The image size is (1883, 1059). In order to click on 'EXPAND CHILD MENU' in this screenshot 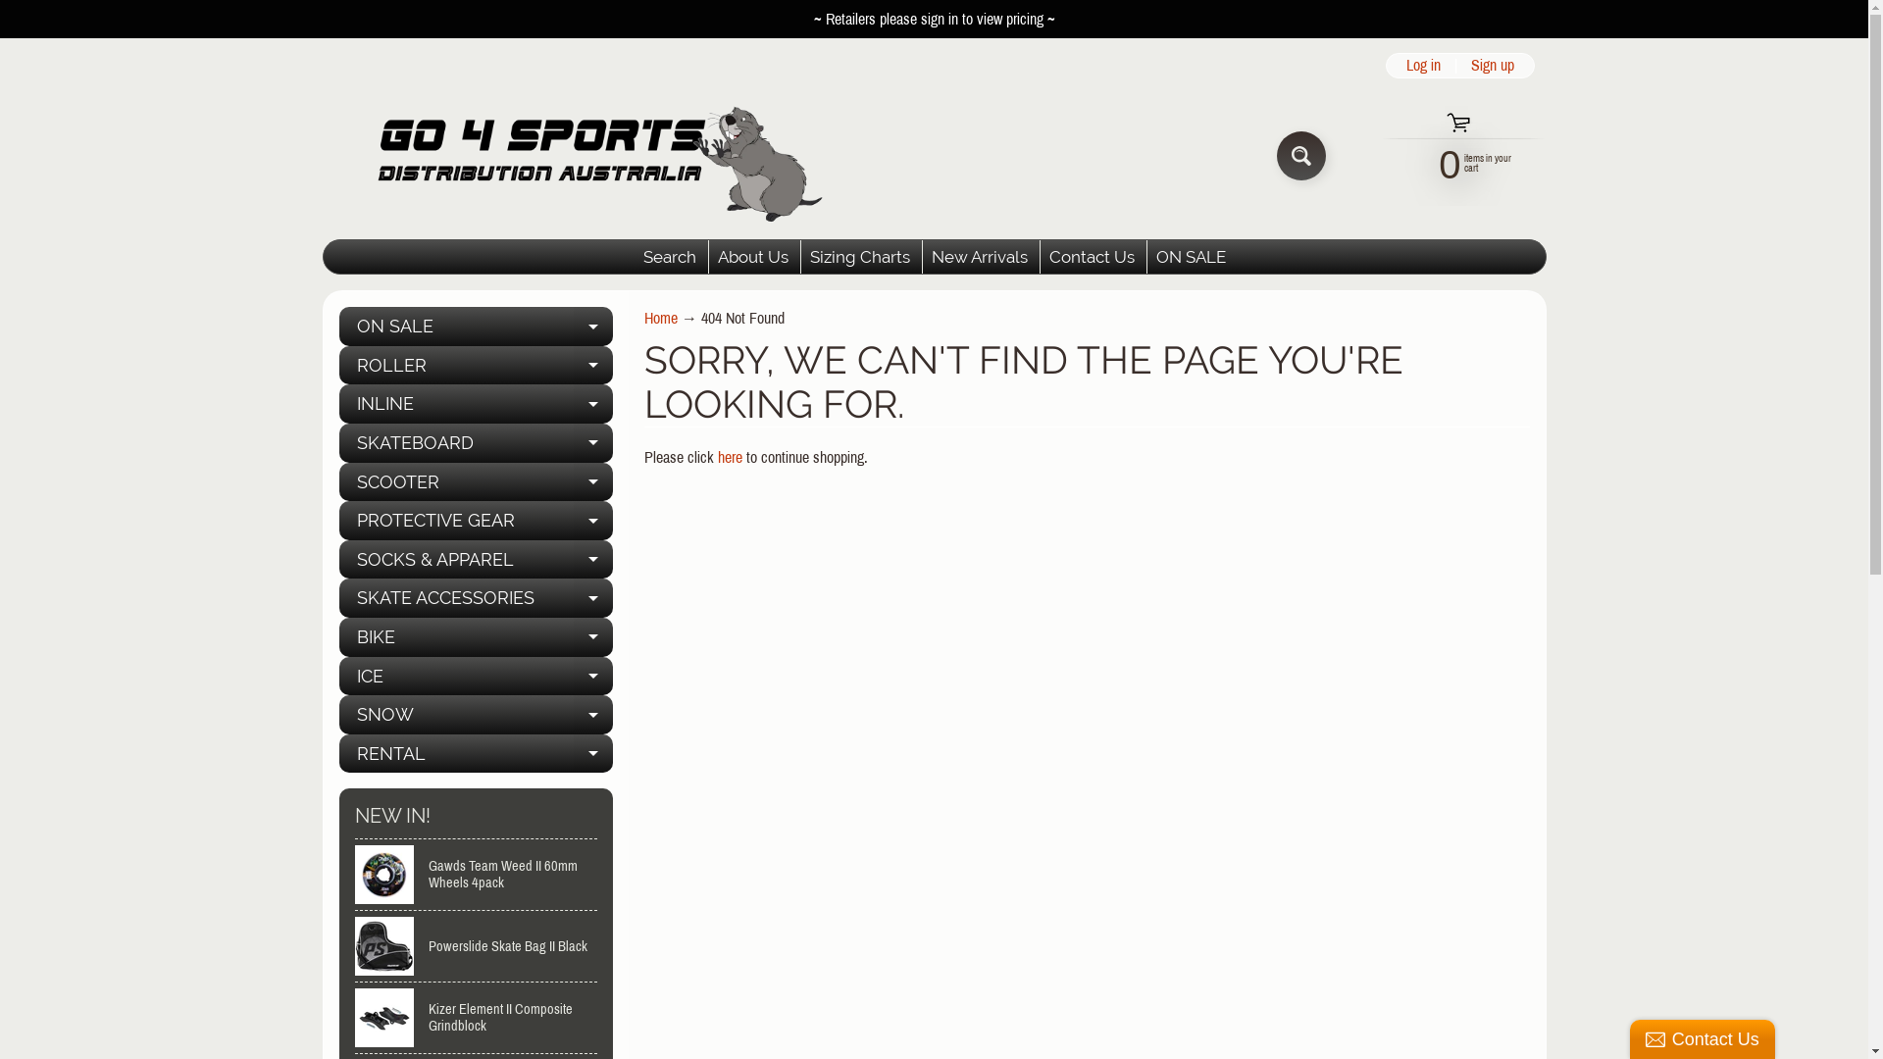, I will do `click(591, 752)`.